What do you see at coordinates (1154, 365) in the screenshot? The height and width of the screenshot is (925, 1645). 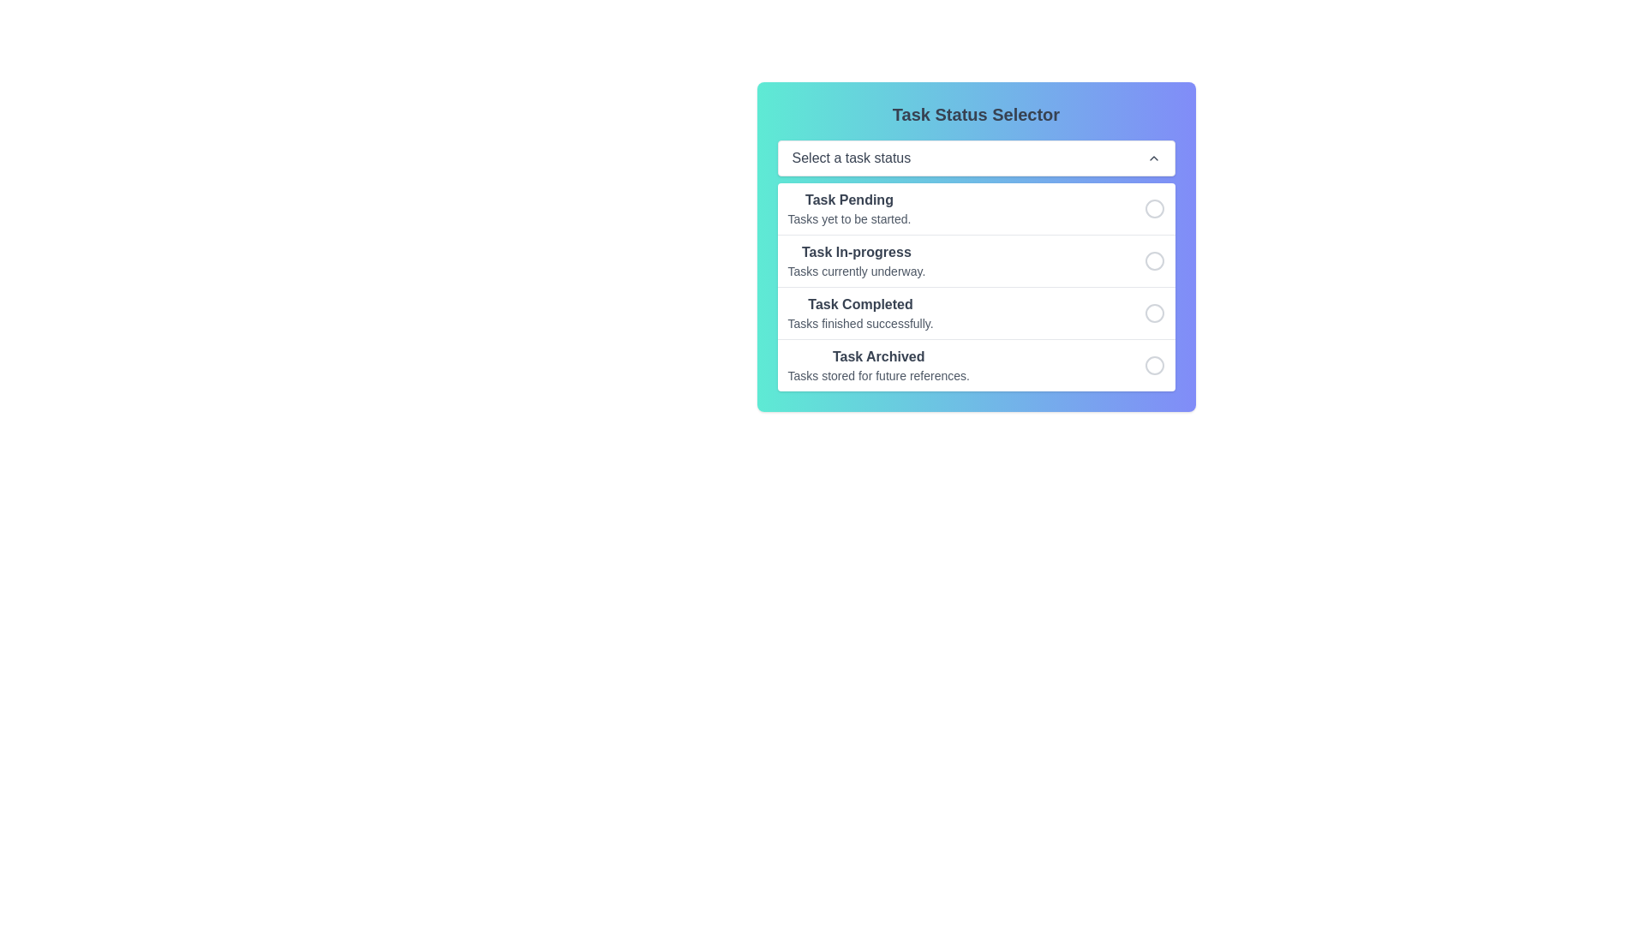 I see `the last radio button (circular outline) located near the text 'Task Archived'` at bounding box center [1154, 365].